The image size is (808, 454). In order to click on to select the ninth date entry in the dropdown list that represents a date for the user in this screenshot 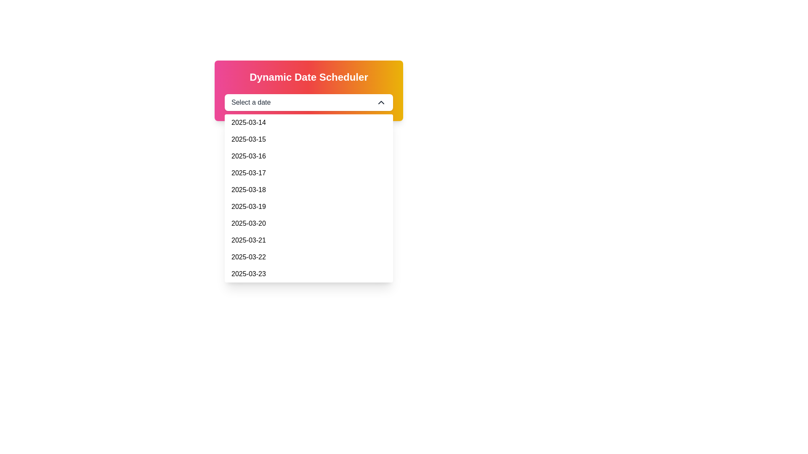, I will do `click(248, 257)`.